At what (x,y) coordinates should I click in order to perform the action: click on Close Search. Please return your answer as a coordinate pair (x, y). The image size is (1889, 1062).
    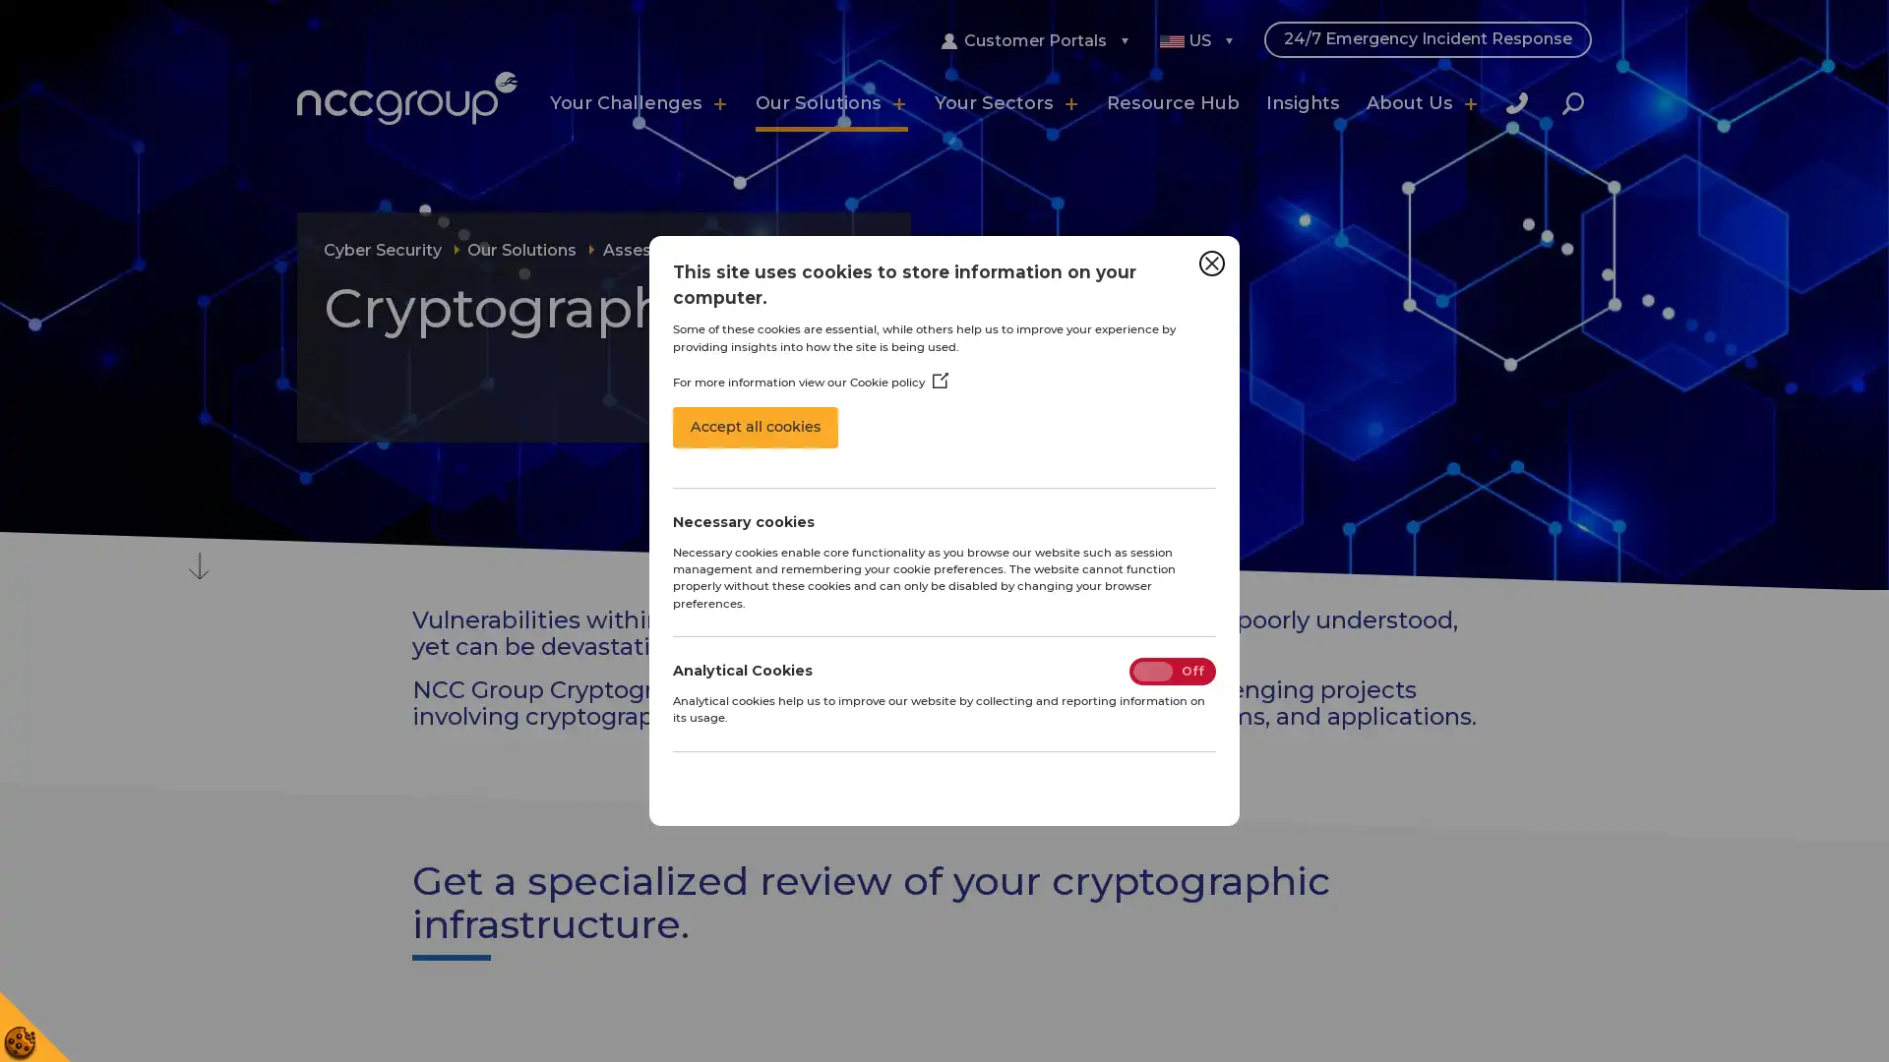
    Looking at the image, I should click on (1508, 172).